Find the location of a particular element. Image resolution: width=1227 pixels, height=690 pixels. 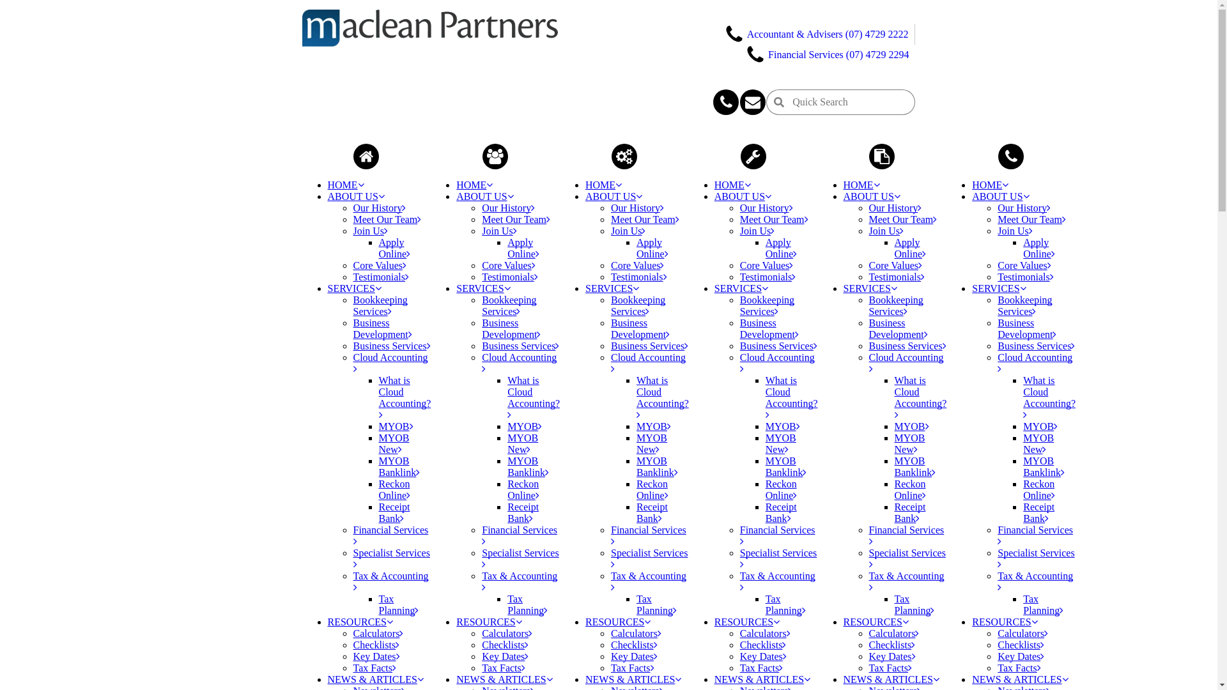

'Calculators' is located at coordinates (1022, 633).